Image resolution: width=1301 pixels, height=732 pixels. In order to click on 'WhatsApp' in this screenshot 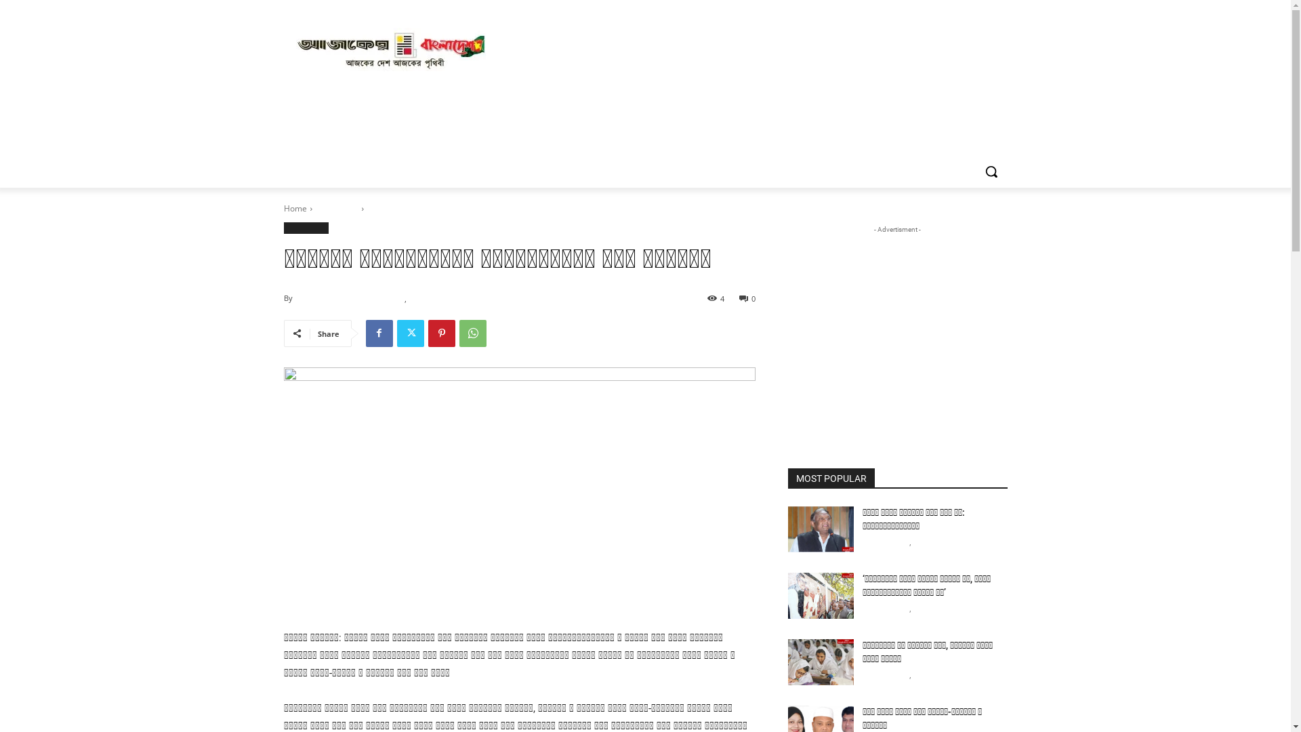, I will do `click(472, 333)`.